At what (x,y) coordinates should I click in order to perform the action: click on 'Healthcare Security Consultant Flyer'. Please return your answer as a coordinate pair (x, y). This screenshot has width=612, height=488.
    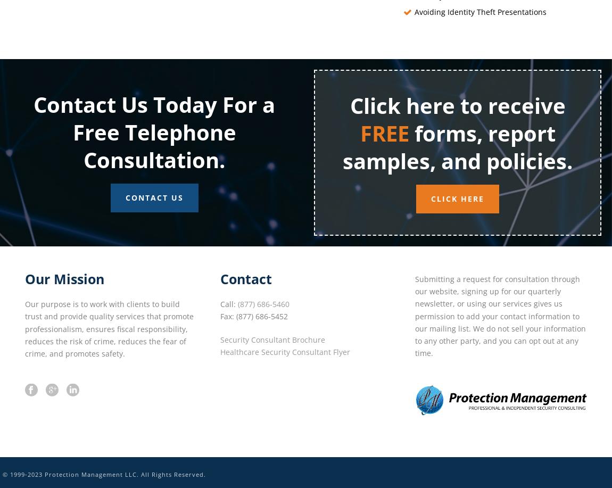
    Looking at the image, I should click on (284, 351).